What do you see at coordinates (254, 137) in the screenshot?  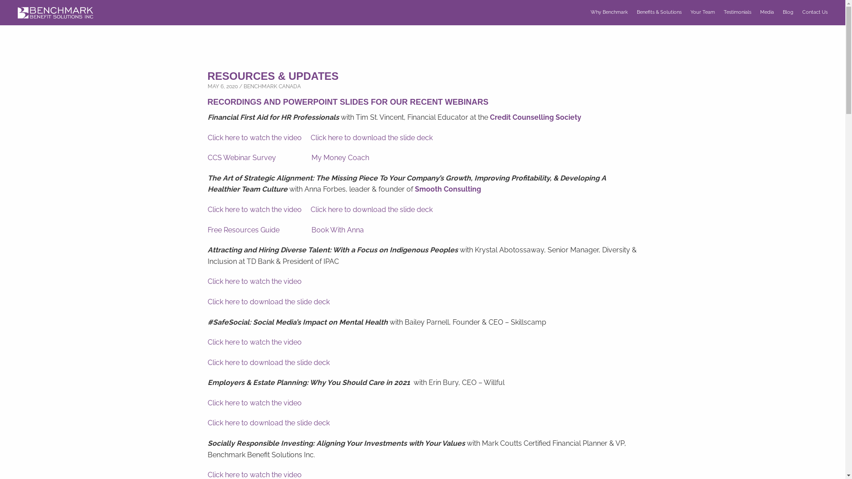 I see `'Click here to watch the video'` at bounding box center [254, 137].